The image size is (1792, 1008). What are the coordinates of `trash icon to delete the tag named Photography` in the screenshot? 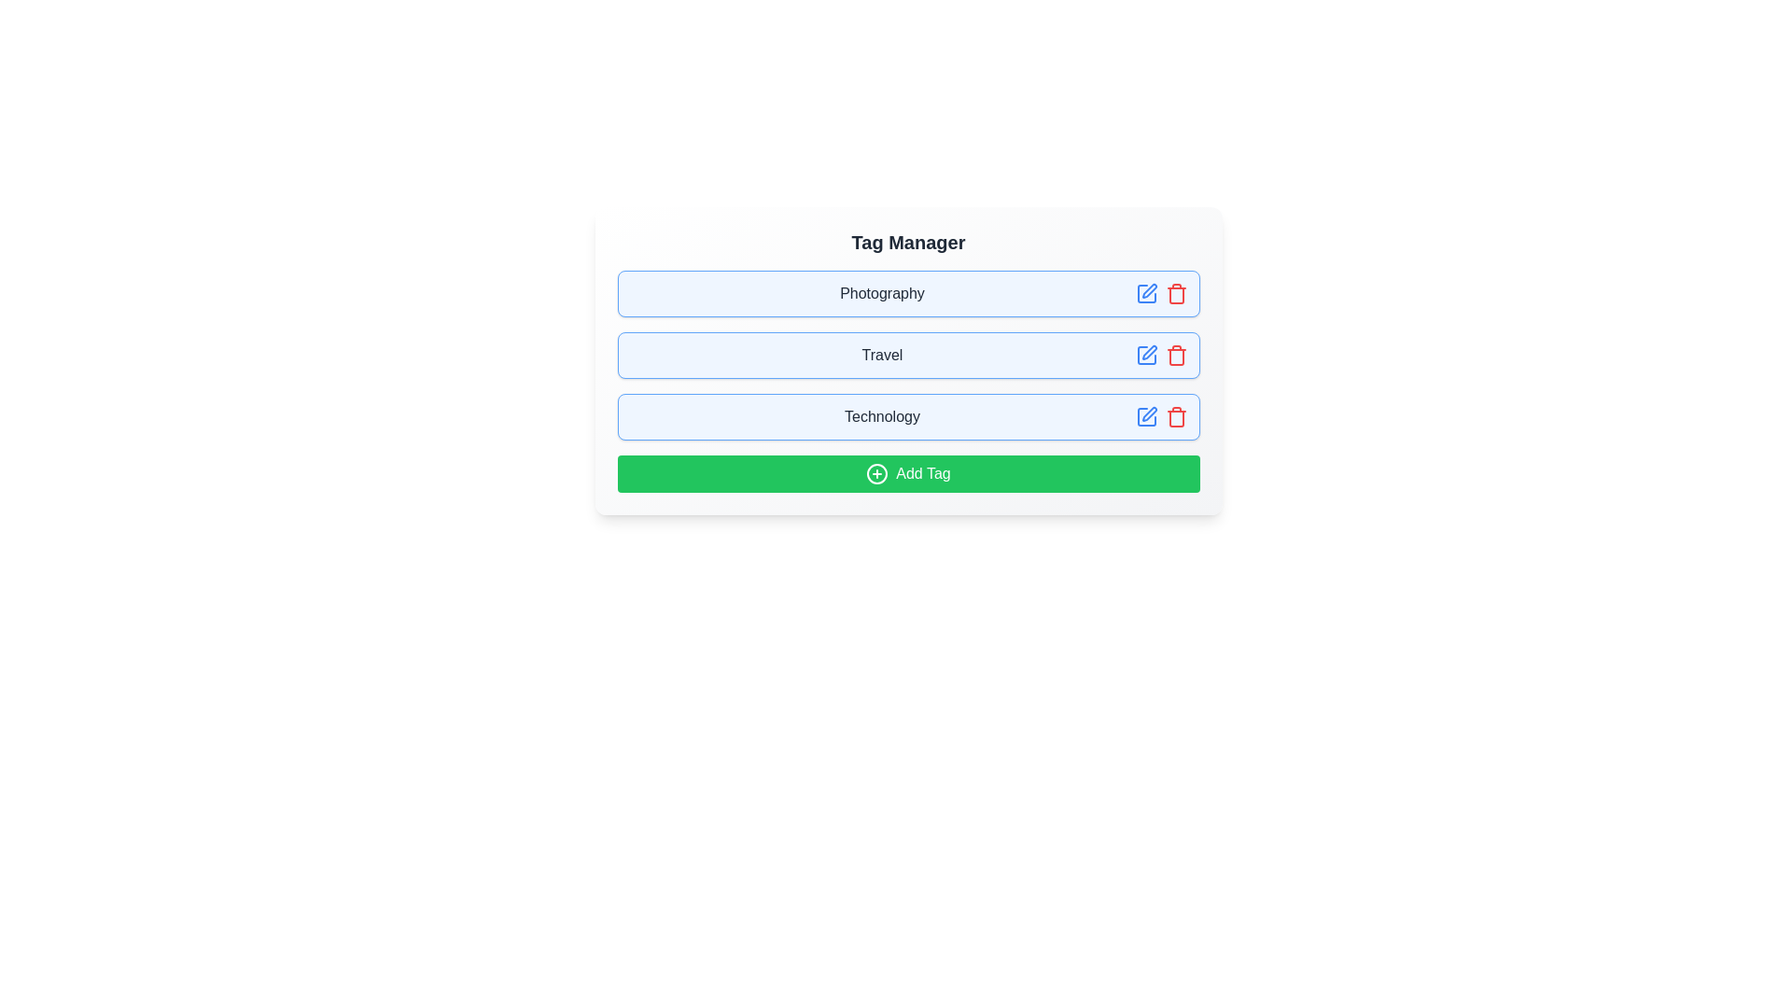 It's located at (1175, 294).